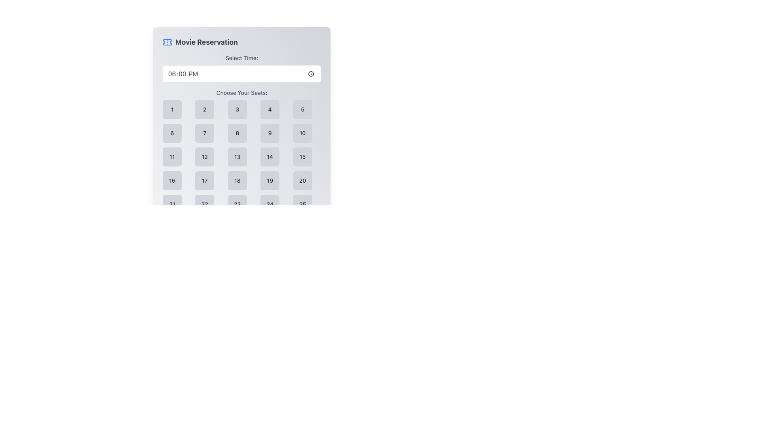  Describe the element at coordinates (302, 110) in the screenshot. I see `the button labeled '5' in the grid layout for seat selection preview` at that location.